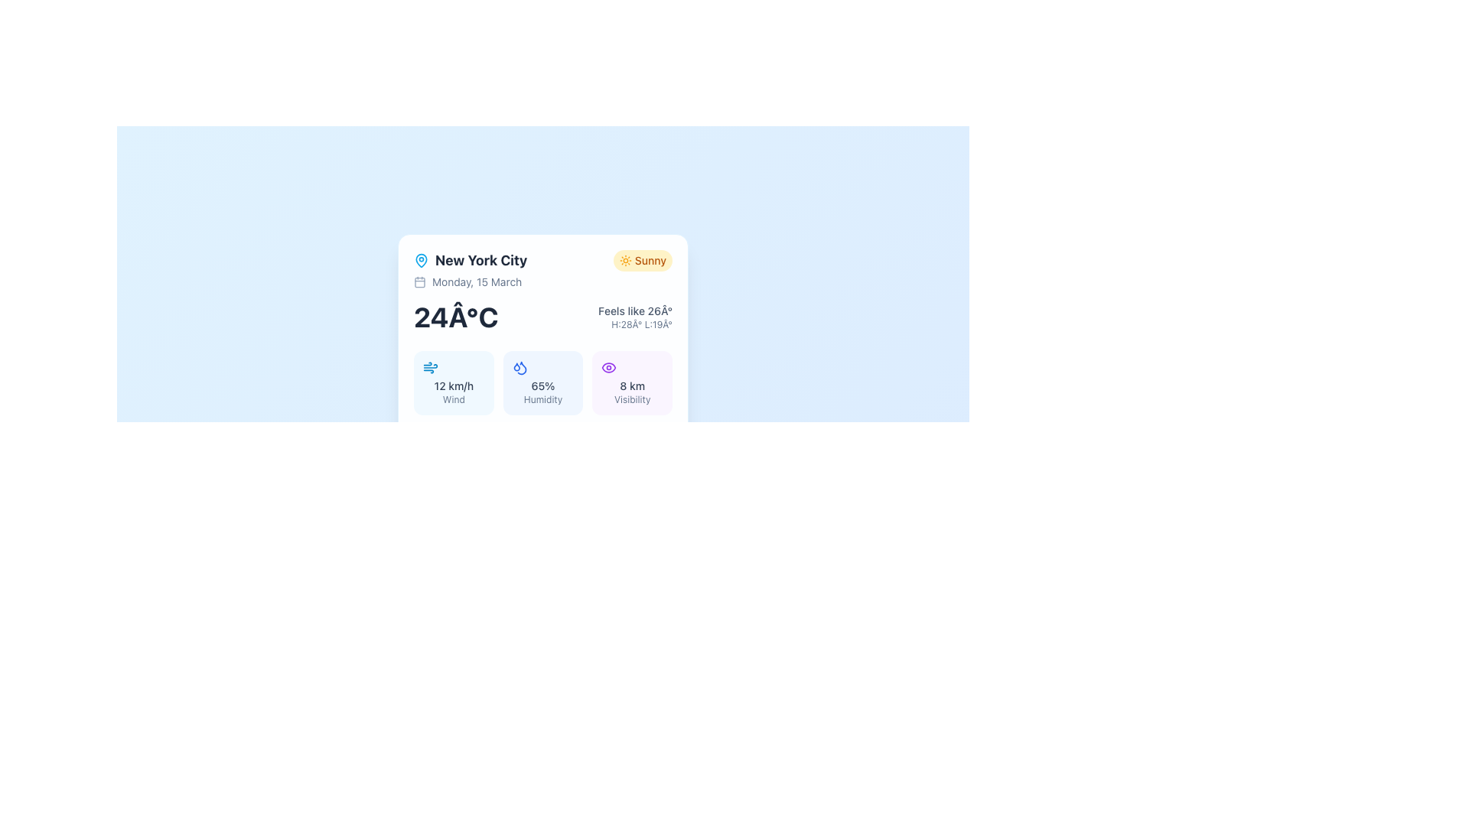  I want to click on the small sun-shaped icon with a yellow stroke located in the top-right corner of the weather card interface, which represents the 'Sunny' weather condition, so click(625, 259).